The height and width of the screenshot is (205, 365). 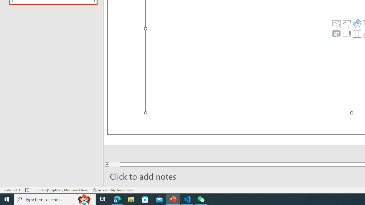 I want to click on 'Insert Table', so click(x=357, y=34).